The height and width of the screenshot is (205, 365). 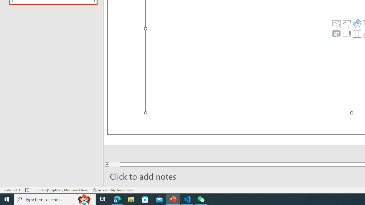 I want to click on 'Insert Table', so click(x=357, y=34).